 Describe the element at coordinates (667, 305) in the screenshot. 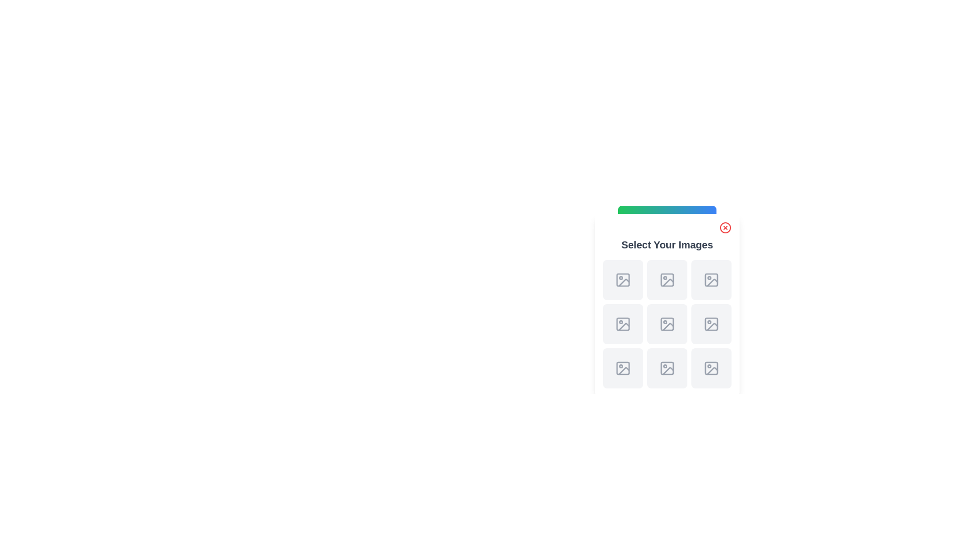

I see `the image placeholder in the popup card titled 'Select Your Images'` at that location.